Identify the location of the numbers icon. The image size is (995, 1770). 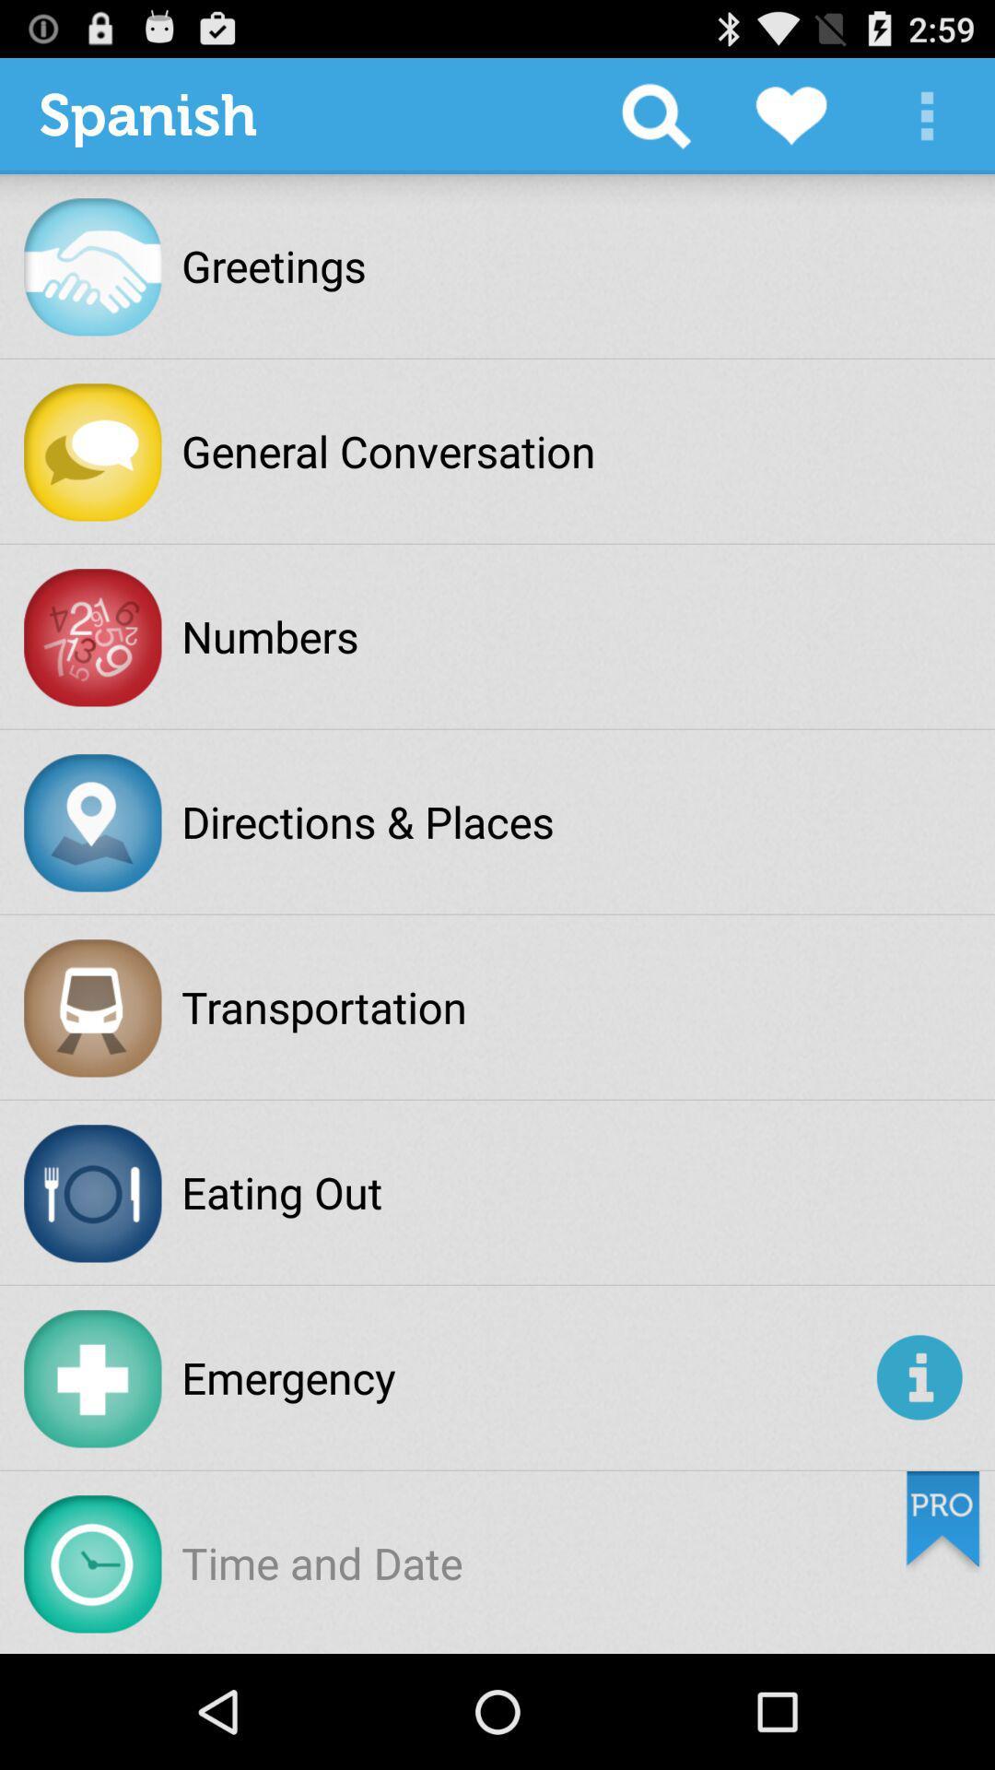
(270, 636).